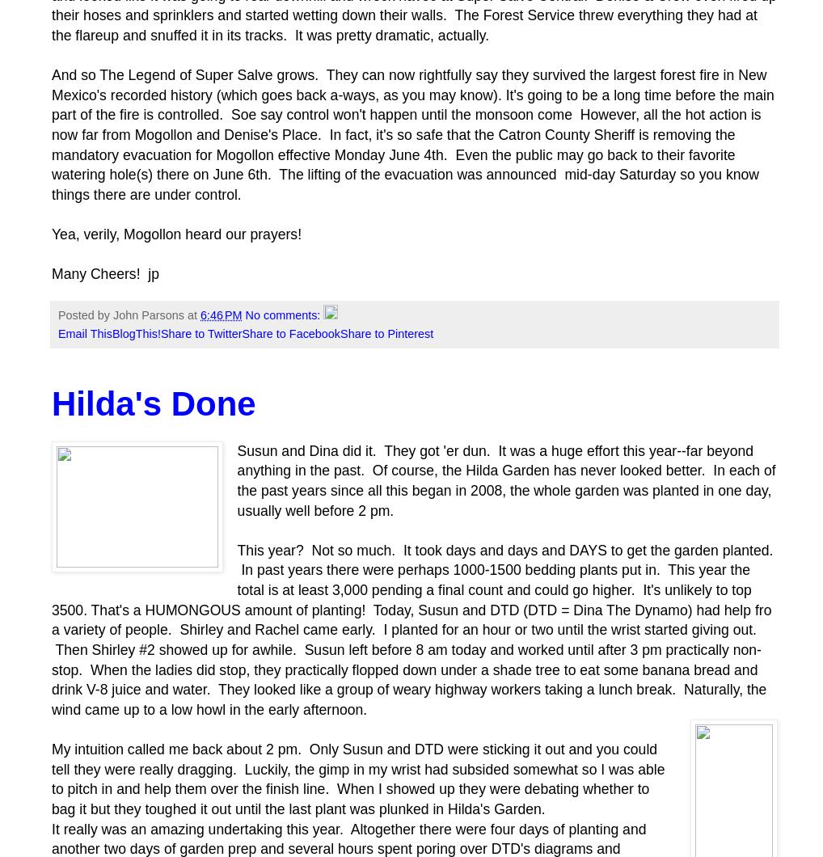 The width and height of the screenshot is (823, 857). Describe the element at coordinates (52, 628) in the screenshot. I see `'This year?  Not so much.  It took days and days and DAYS to get the garden planted.  In past years there were perhaps 1000-1500 bedding plants put in.  This year the total is at least 3,000 pending a final count and could go higher.  It's unlikely to top 3500. That's a HUMONGOUS amount of planting!  Today, Susun and DTD (DTD = Dina The Dynamo) had help fro a variety of people.  Shirley and Rachel came early.  I planted for an hour or two until the wrist started giving out.  Then Shirley #2 showed up for awhile.  Susun left before 8 am today and worked until after 3 pm practically non-stop.  When the ladies did stop, they practically flopped down under a shade tree to eat some banana bread and drink V-8 juice and water.  They looked like a group of weary highway workers taking a lunch break.  Naturally, the wind came up to a low howl in the early afternoon.'` at that location.